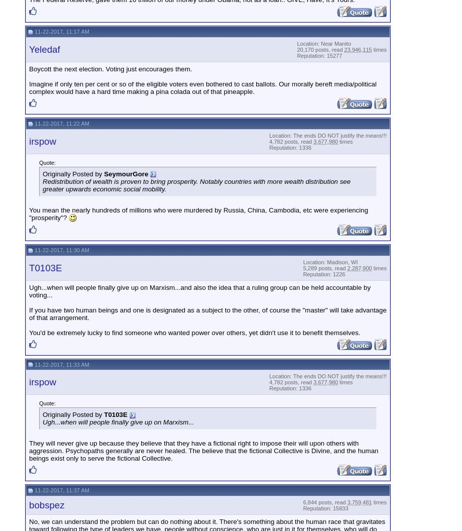 The width and height of the screenshot is (462, 531). Describe the element at coordinates (343, 49) in the screenshot. I see `'23,946,115'` at that location.